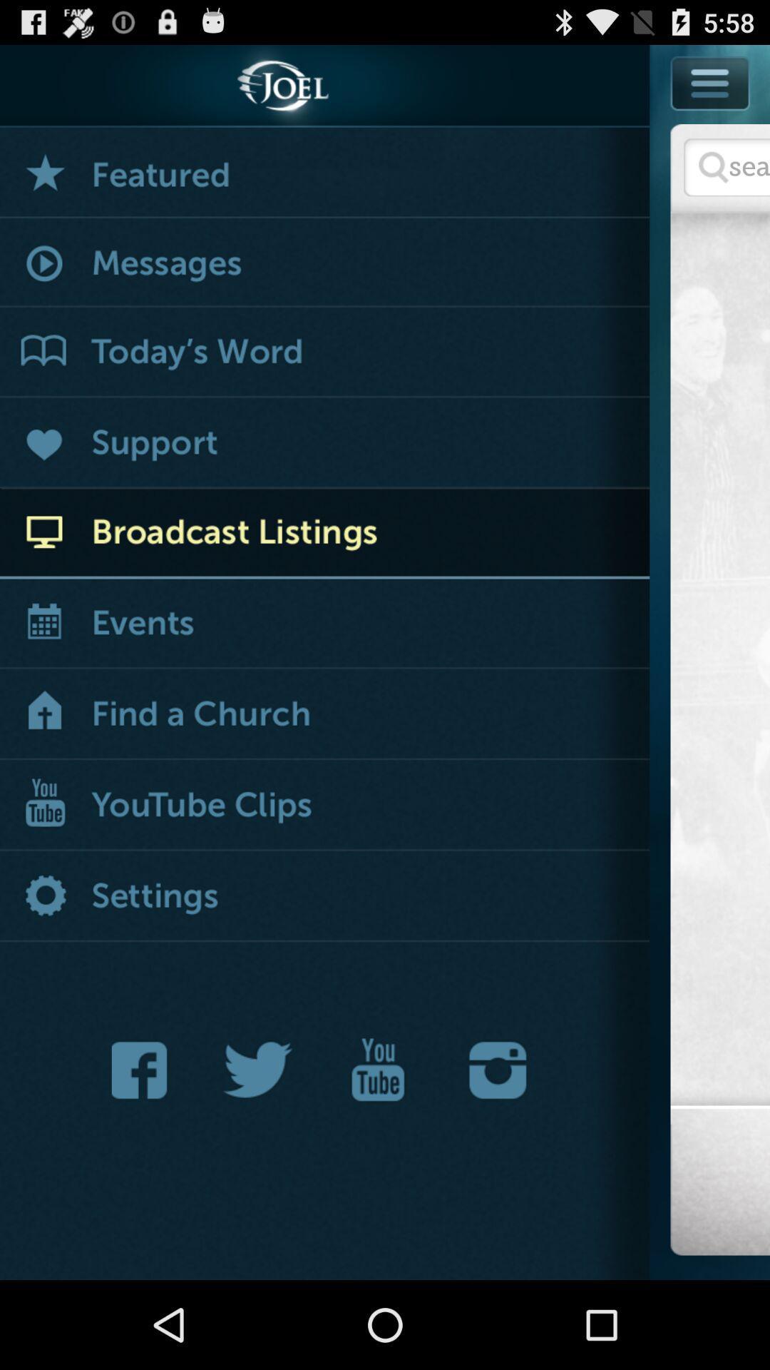 The height and width of the screenshot is (1370, 770). I want to click on share to instagram, so click(497, 1070).